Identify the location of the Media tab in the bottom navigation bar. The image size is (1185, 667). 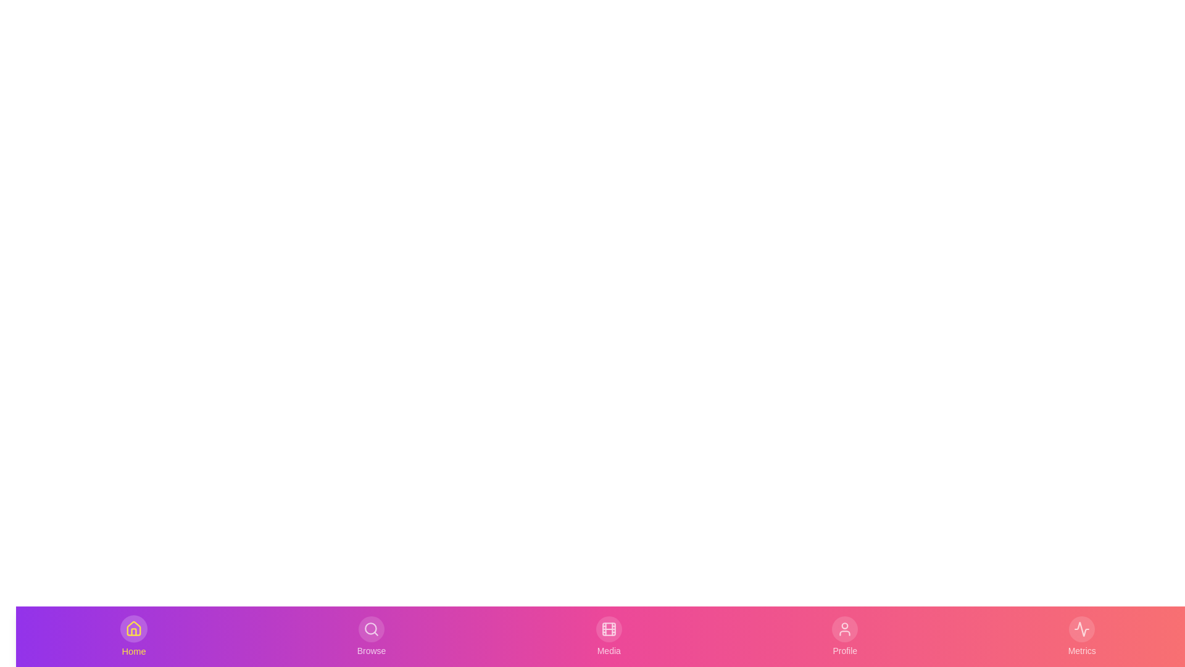
(608, 636).